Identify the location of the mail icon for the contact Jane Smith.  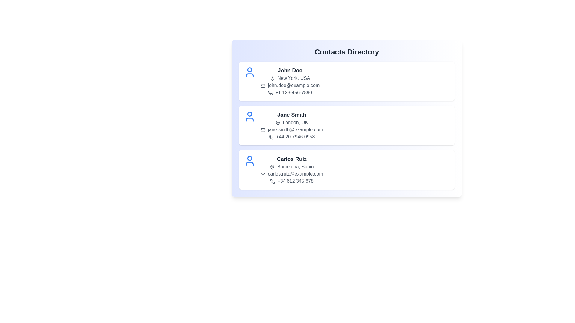
(263, 129).